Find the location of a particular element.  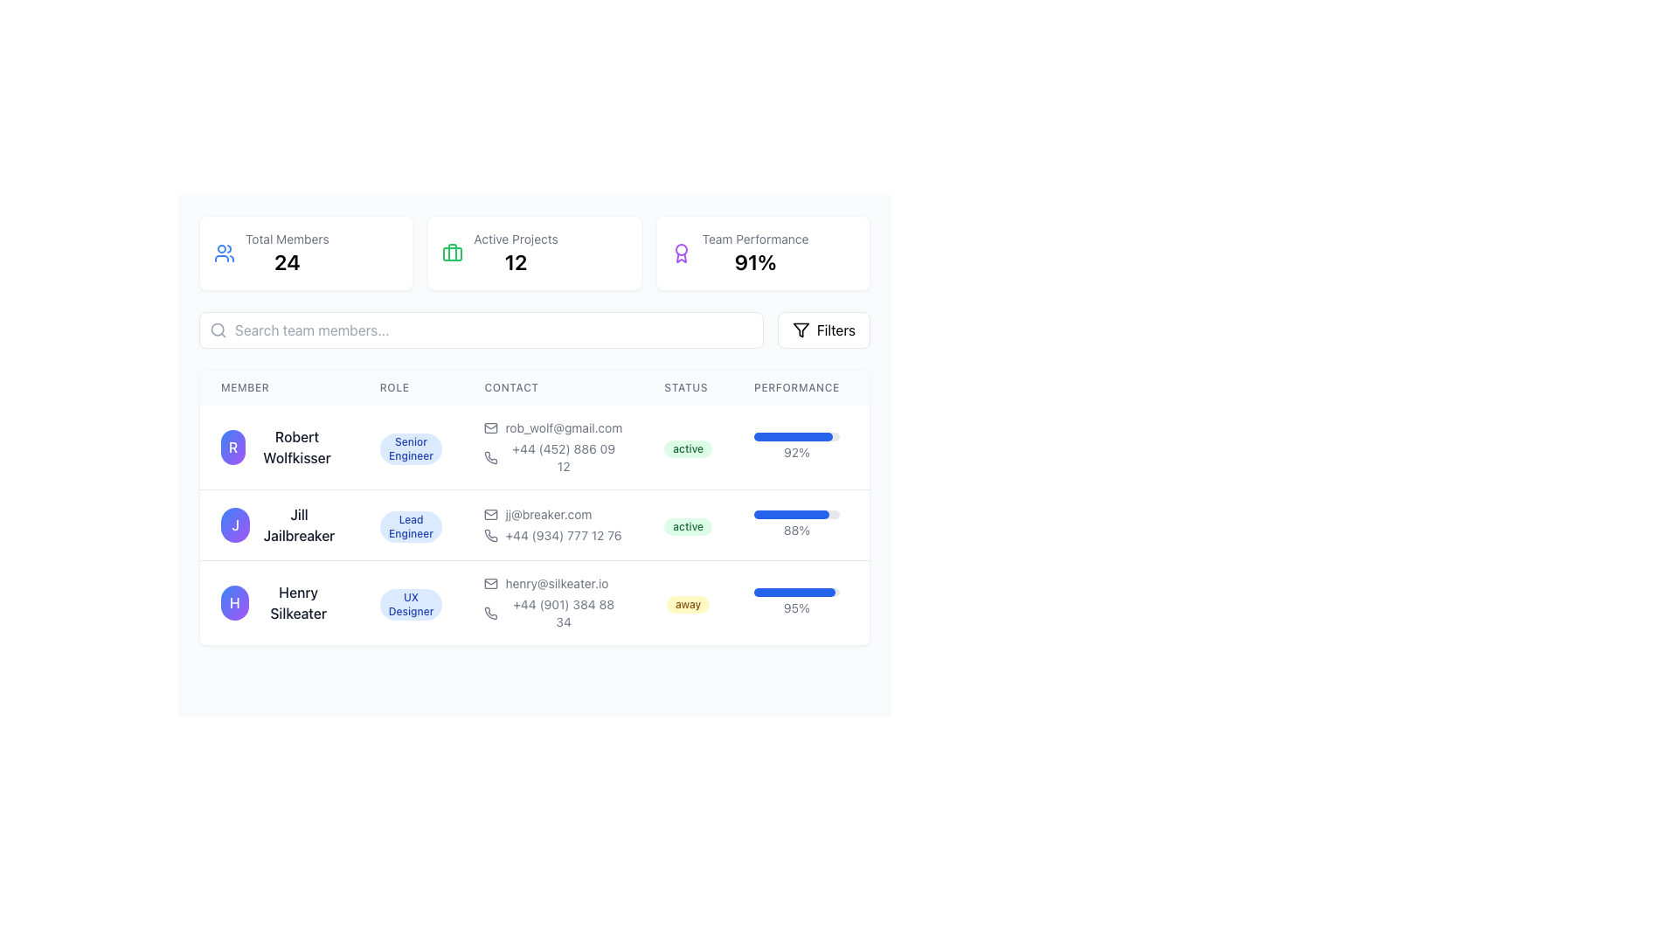

the phone icon representing contact information for Henry Silkeater, which is styled with a greyish stroke color and is positioned next to the phone number in the contact details section is located at coordinates (490, 457).